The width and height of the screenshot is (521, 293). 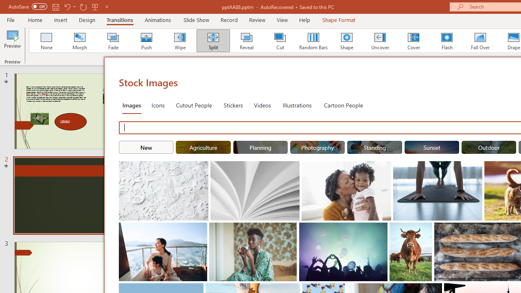 I want to click on 'Videos', so click(x=262, y=105).